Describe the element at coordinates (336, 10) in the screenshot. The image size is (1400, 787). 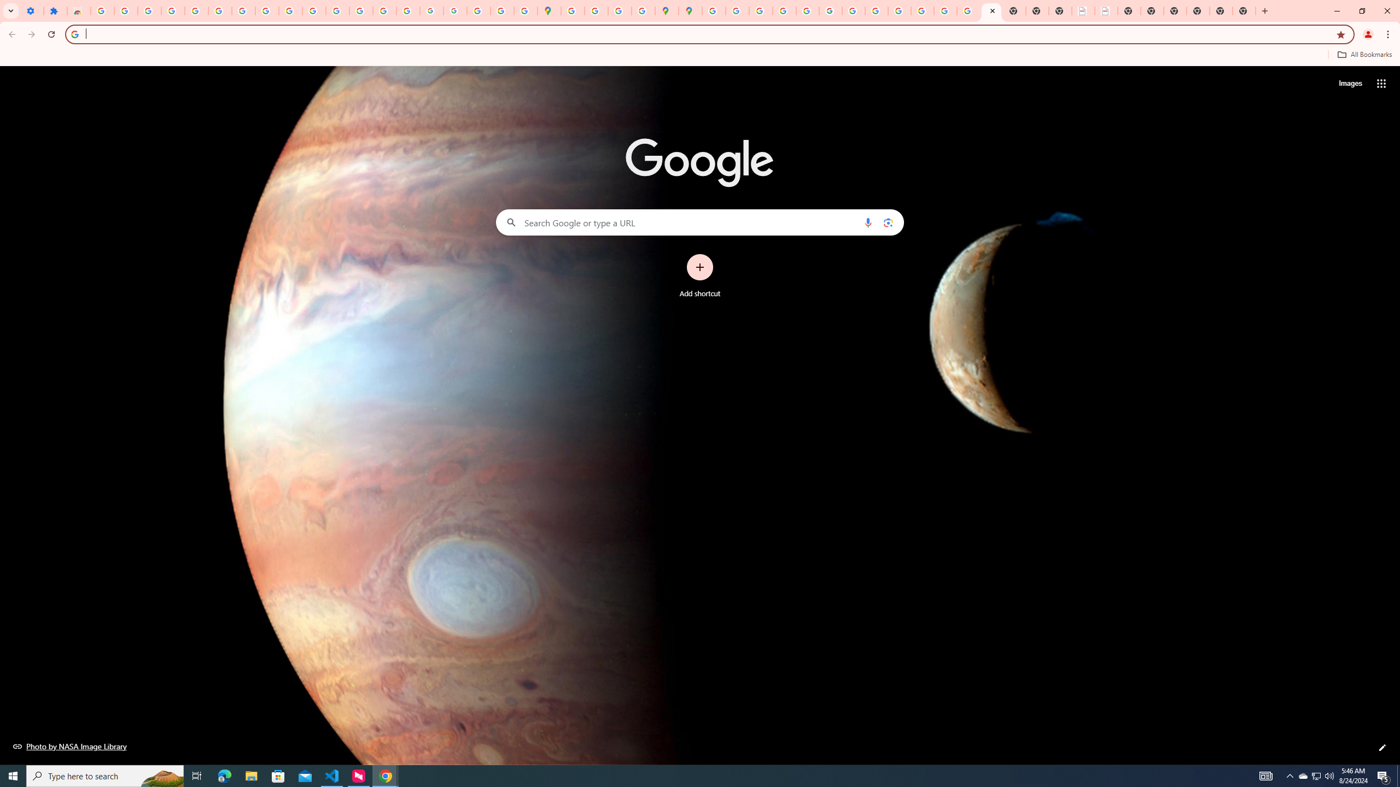
I see `'https://scholar.google.com/'` at that location.